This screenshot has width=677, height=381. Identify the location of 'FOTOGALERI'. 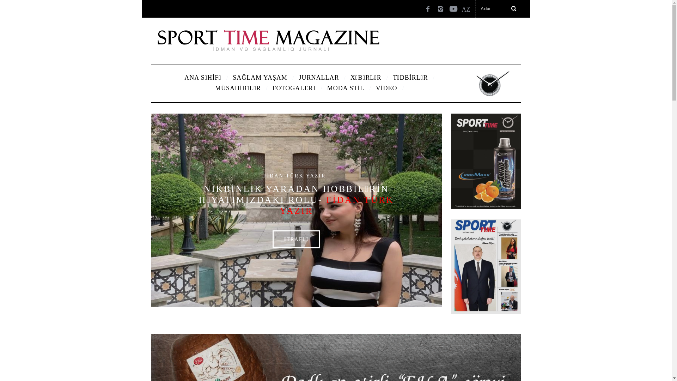
(294, 88).